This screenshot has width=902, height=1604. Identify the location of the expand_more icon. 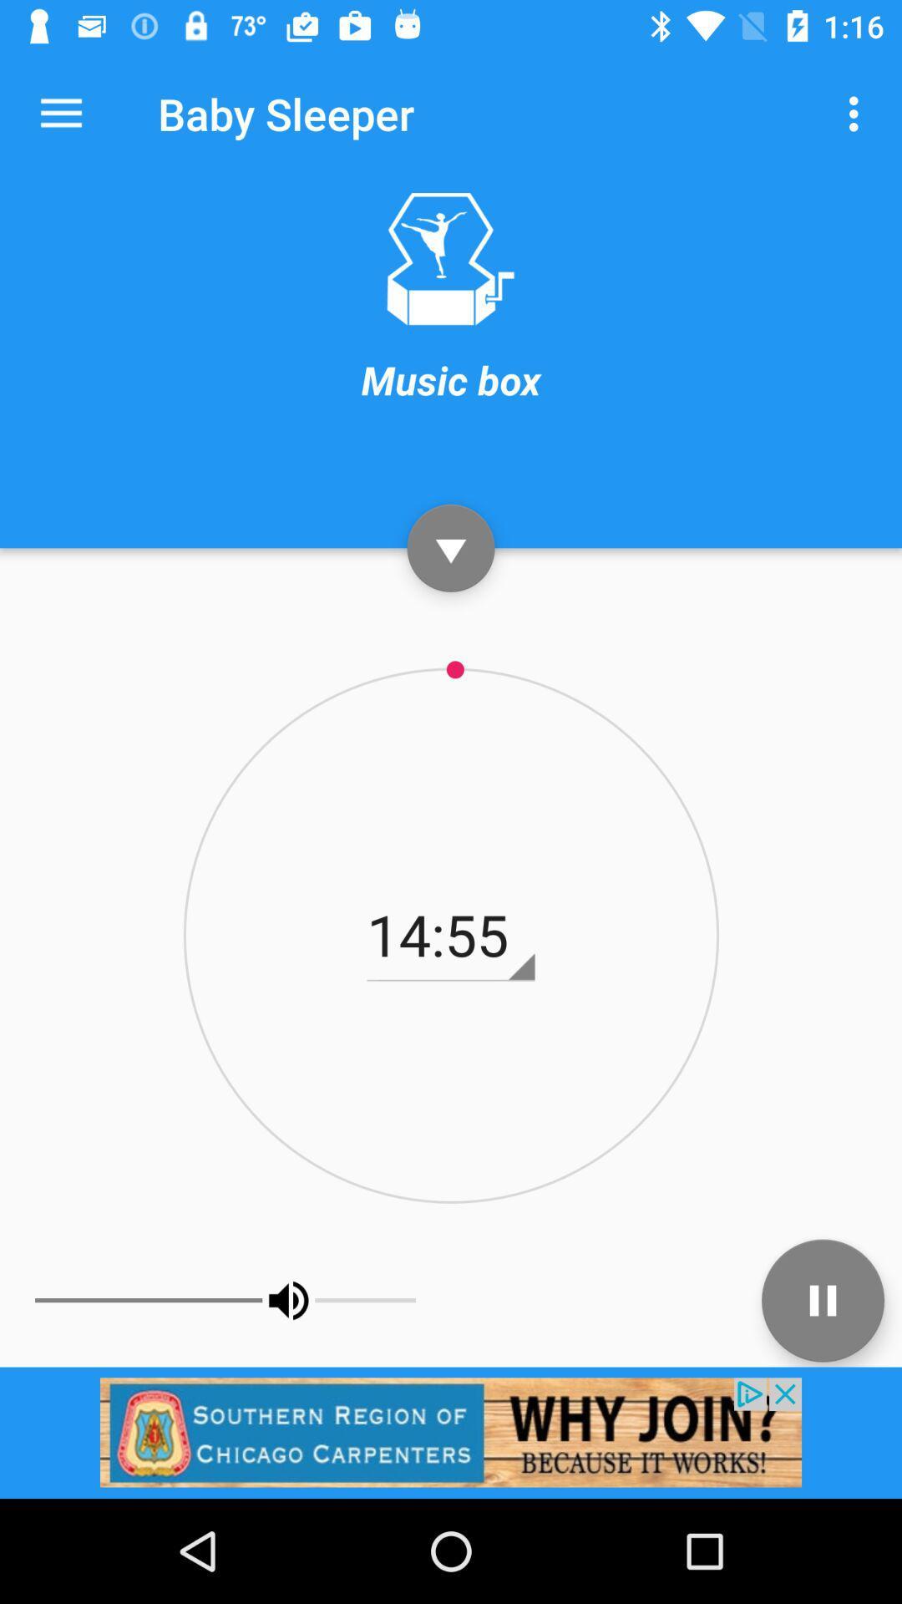
(451, 548).